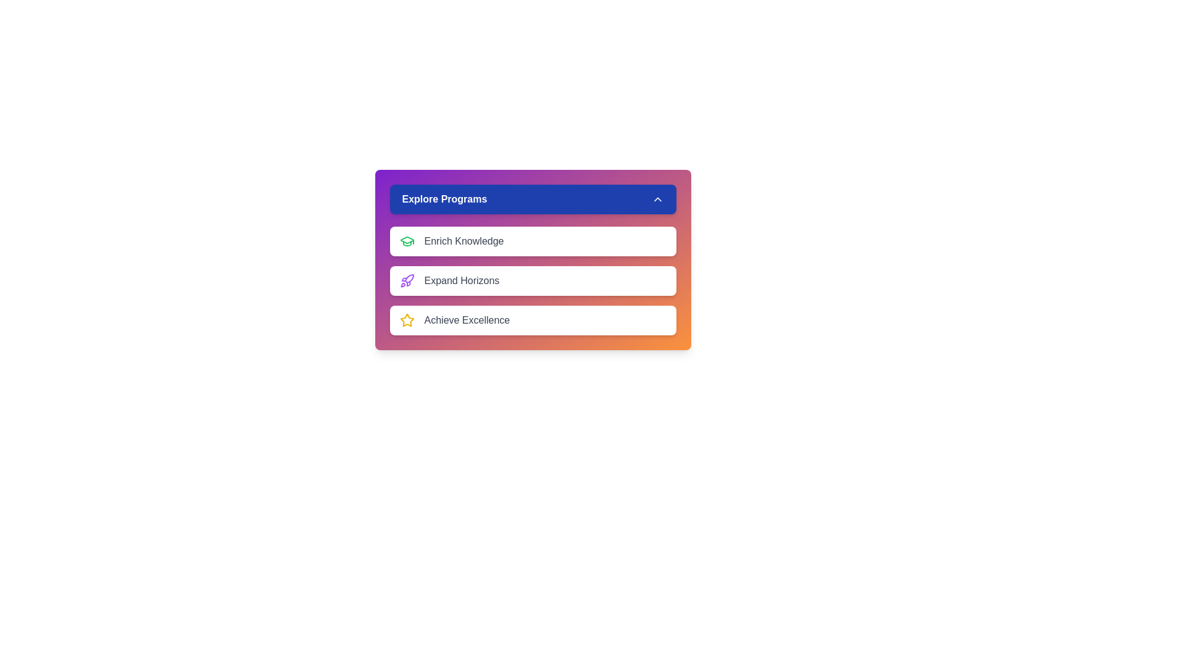  What do you see at coordinates (533, 199) in the screenshot?
I see `the 'Explore Programs' button` at bounding box center [533, 199].